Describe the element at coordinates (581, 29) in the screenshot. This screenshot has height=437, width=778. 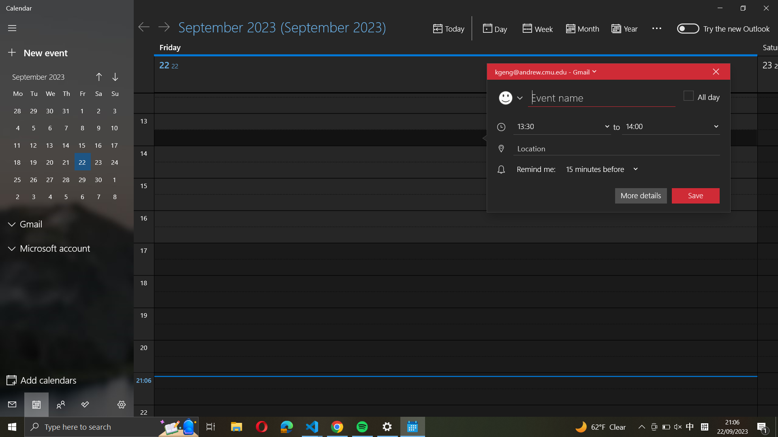
I see `Activate the monthly calendar display` at that location.